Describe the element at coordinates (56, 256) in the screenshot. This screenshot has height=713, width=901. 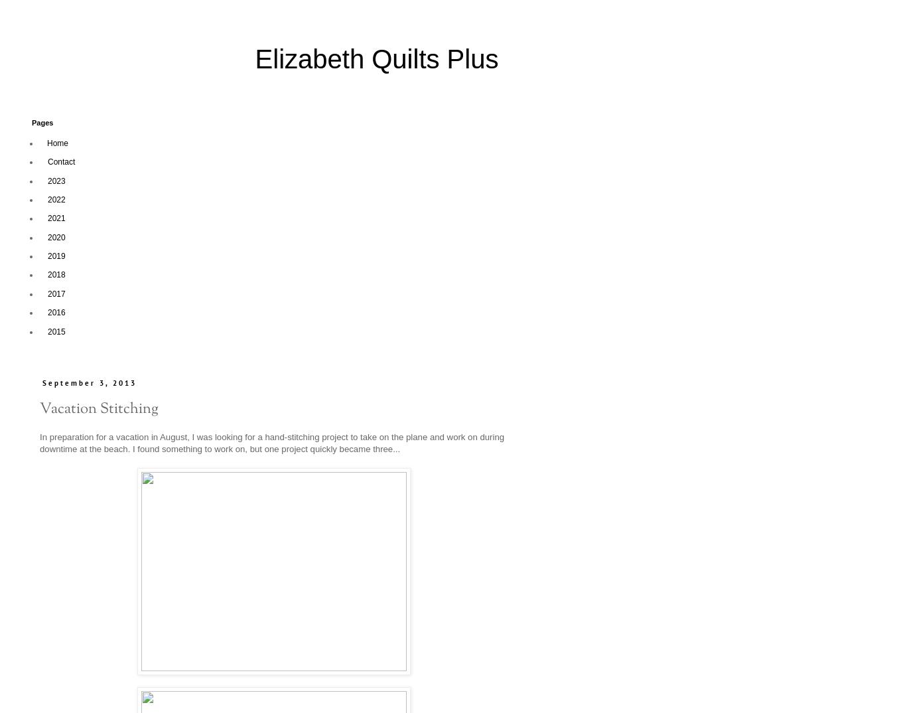
I see `'2019'` at that location.